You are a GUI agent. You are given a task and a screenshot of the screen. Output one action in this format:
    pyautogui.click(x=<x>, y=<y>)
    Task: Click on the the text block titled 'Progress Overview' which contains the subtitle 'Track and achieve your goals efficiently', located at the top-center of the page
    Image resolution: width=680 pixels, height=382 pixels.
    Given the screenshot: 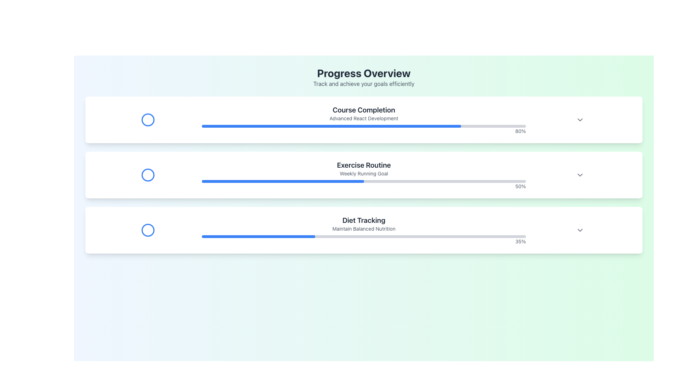 What is the action you would take?
    pyautogui.click(x=364, y=77)
    